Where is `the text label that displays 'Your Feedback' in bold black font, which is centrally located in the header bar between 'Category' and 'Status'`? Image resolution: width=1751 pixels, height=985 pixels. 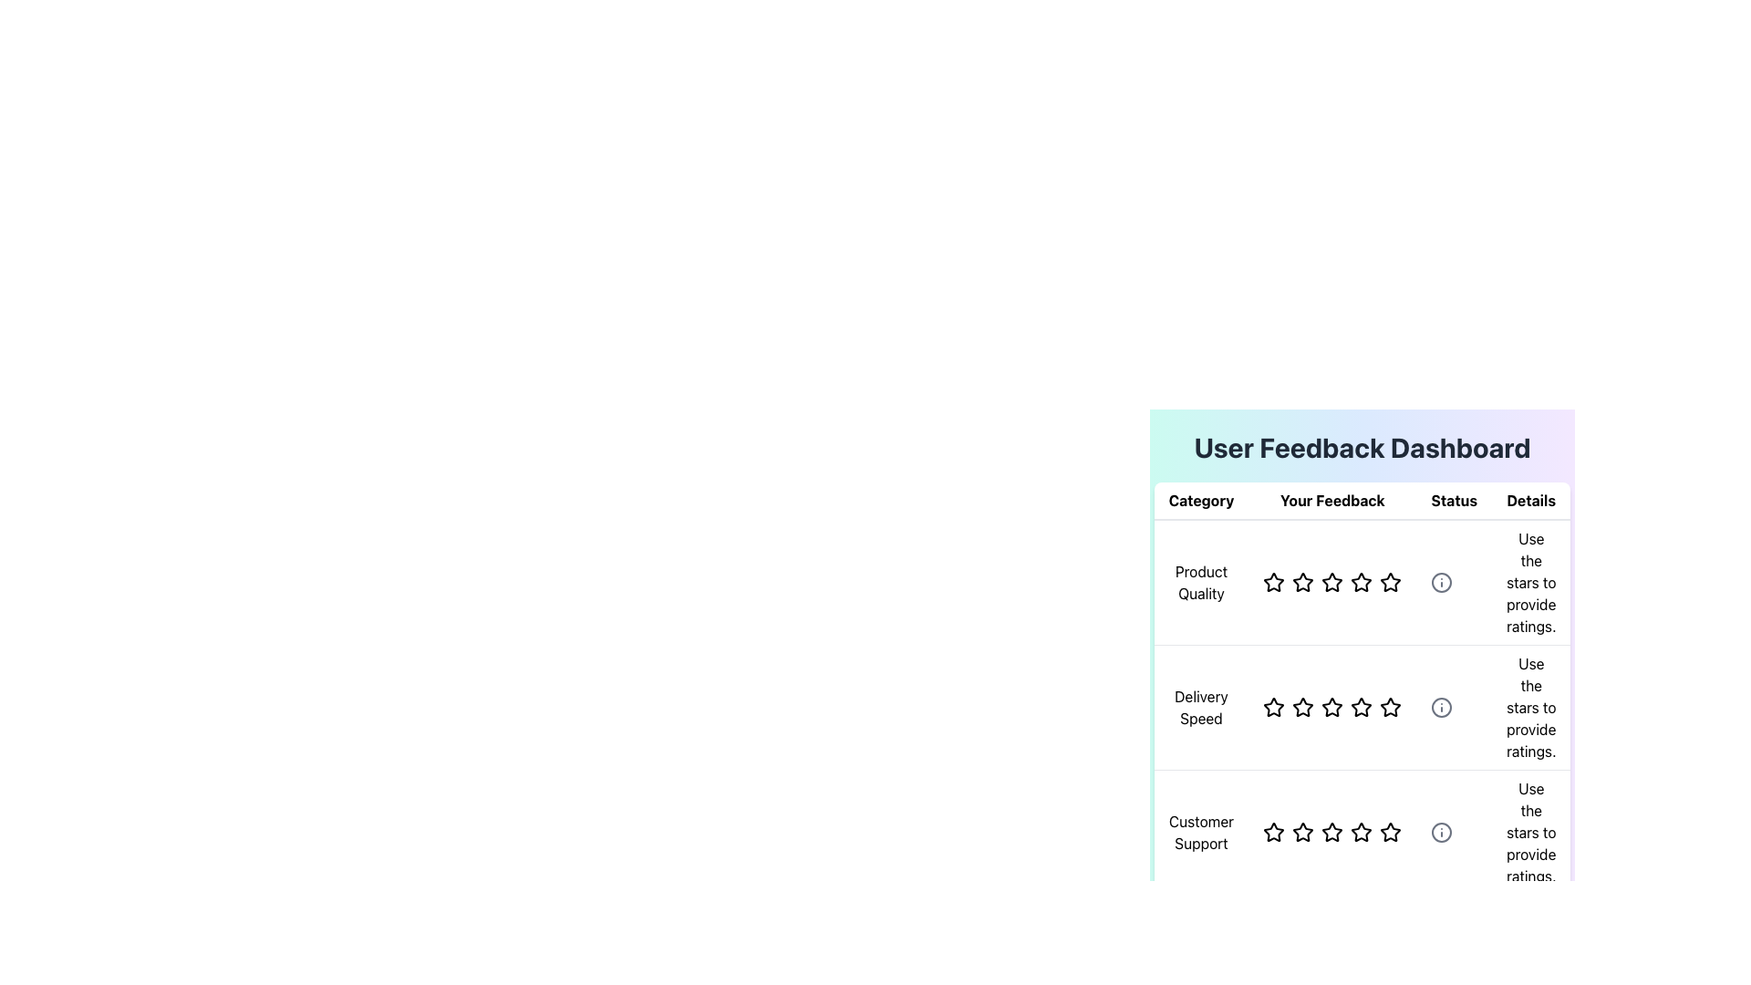 the text label that displays 'Your Feedback' in bold black font, which is centrally located in the header bar between 'Category' and 'Status' is located at coordinates (1332, 501).